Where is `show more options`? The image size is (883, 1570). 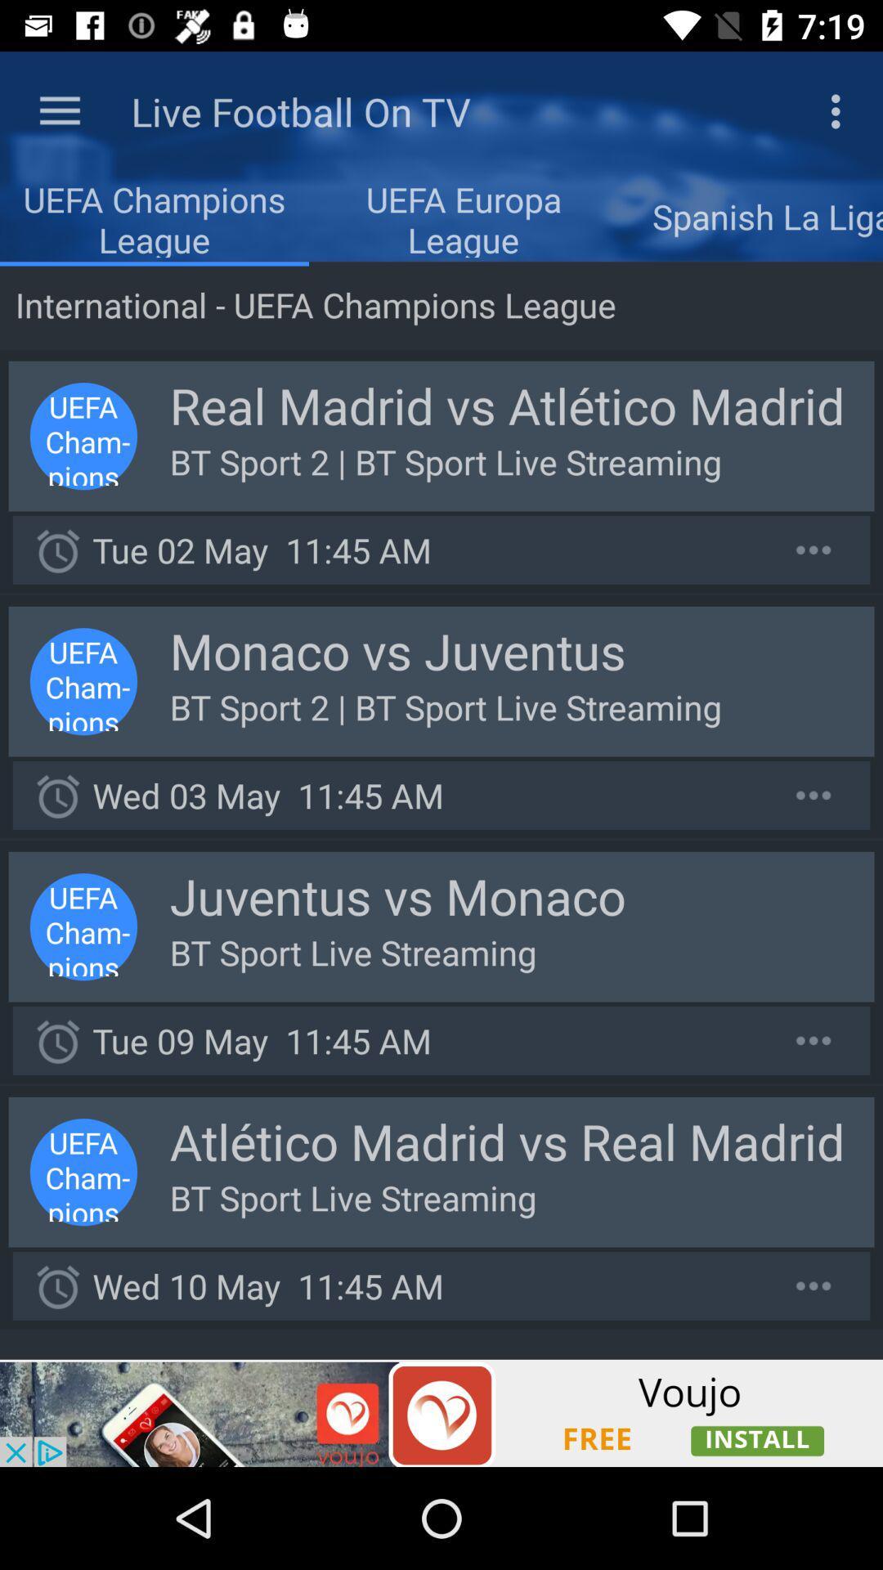
show more options is located at coordinates (814, 795).